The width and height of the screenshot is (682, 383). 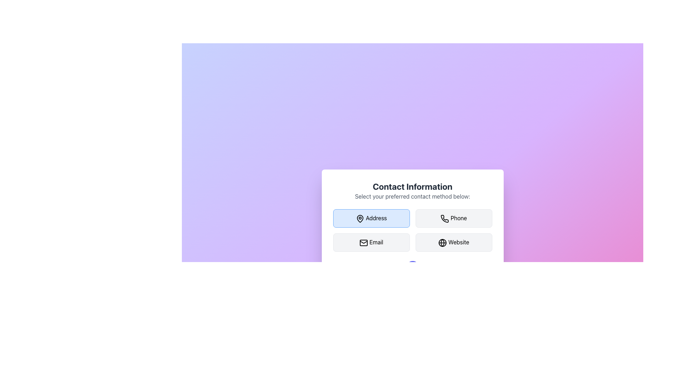 I want to click on the rectangular button with a light gray background and a globe icon labeled 'Website', so click(x=453, y=242).